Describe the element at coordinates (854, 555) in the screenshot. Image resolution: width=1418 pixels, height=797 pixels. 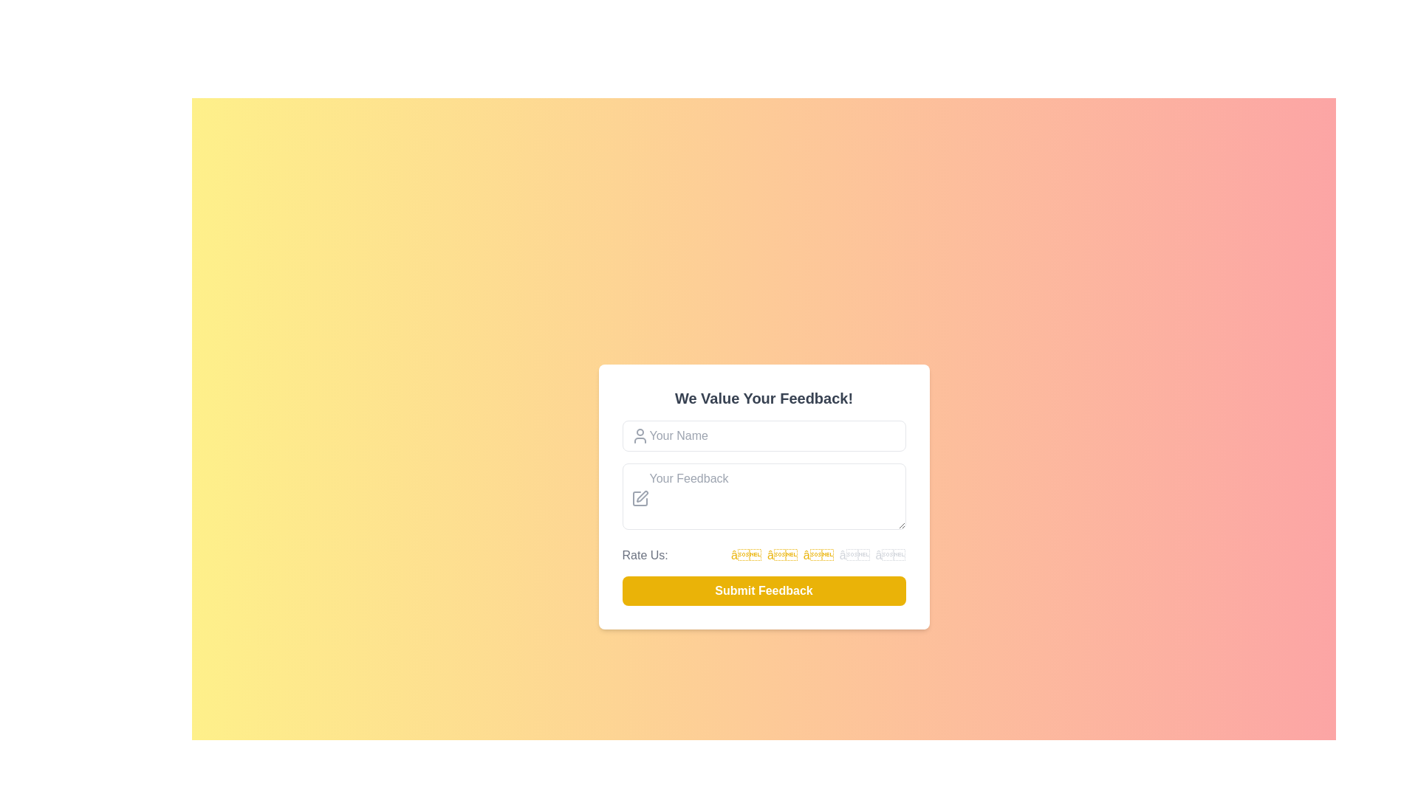
I see `the fourth star button in the five-star rating system` at that location.